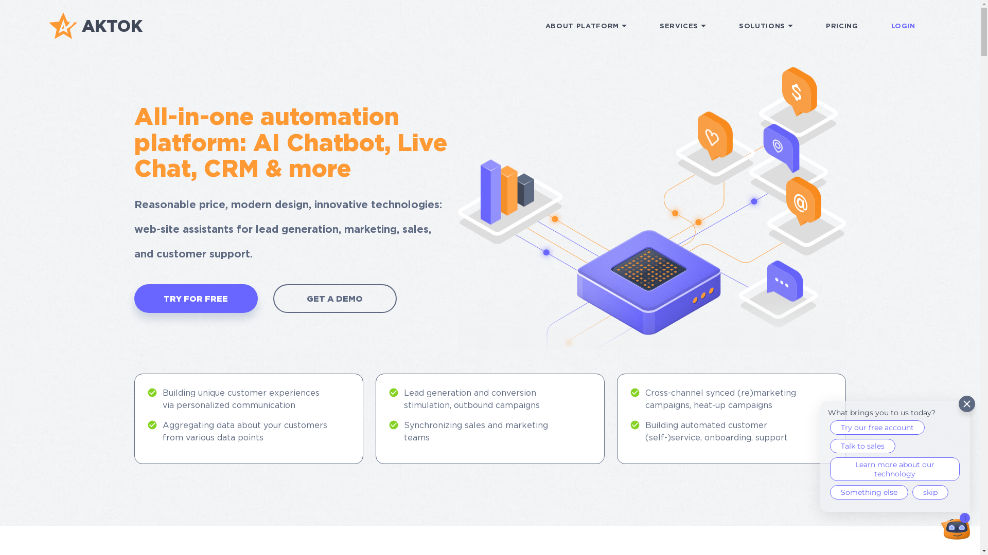  I want to click on 'PRICING', so click(809, 25).